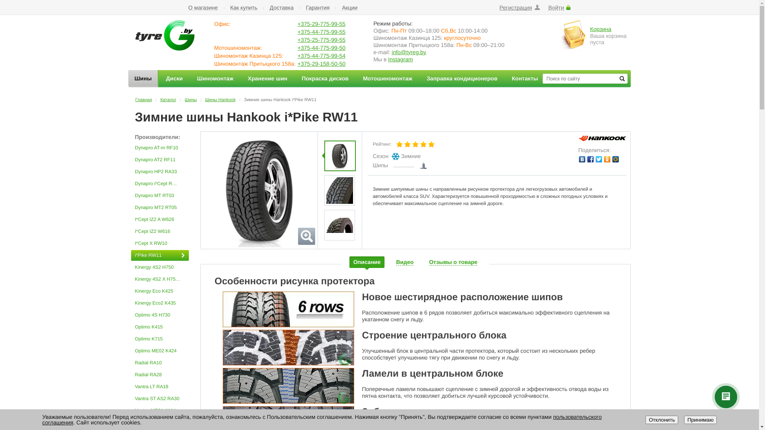  Describe the element at coordinates (159, 184) in the screenshot. I see `'Dynapro i*Cept RW08'` at that location.